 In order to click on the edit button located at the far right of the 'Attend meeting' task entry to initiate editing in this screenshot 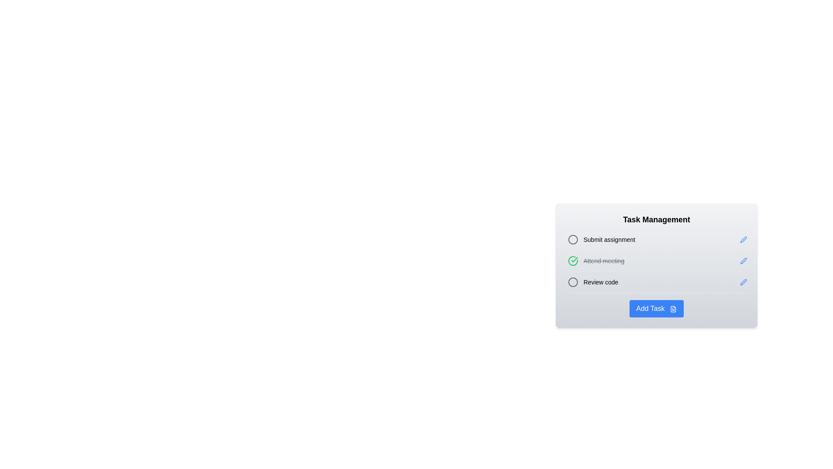, I will do `click(743, 261)`.